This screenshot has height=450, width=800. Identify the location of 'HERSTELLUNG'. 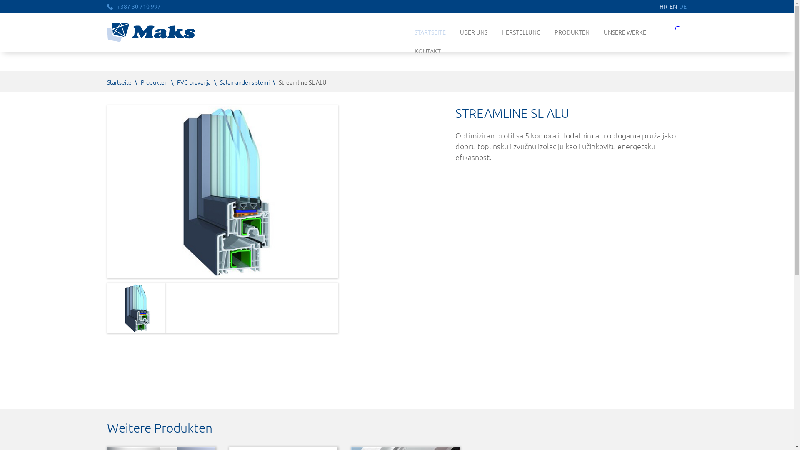
(520, 32).